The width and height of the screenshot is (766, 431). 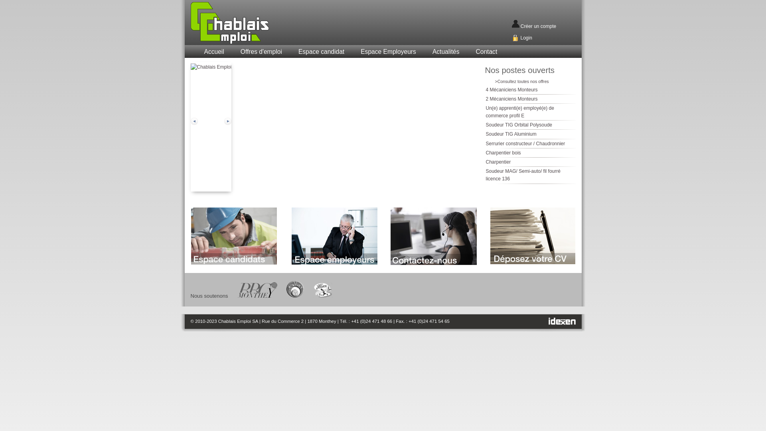 What do you see at coordinates (519, 125) in the screenshot?
I see `'Soudeur TIG Orbital Polysoude'` at bounding box center [519, 125].